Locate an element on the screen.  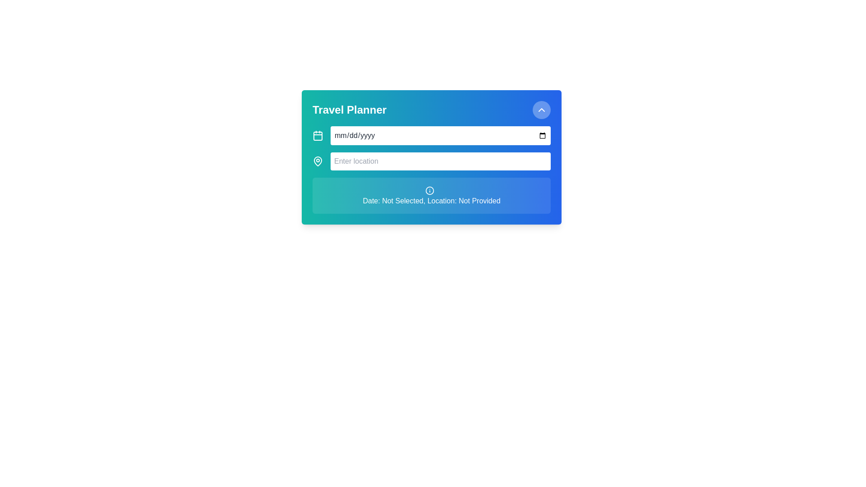
the Date input field located in the 'Travel Planner' UI component to focus and enter a date is located at coordinates (431, 135).